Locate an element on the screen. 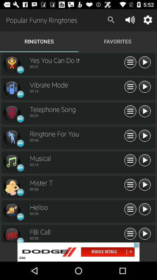 The height and width of the screenshot is (280, 157). menu icon is located at coordinates (130, 87).